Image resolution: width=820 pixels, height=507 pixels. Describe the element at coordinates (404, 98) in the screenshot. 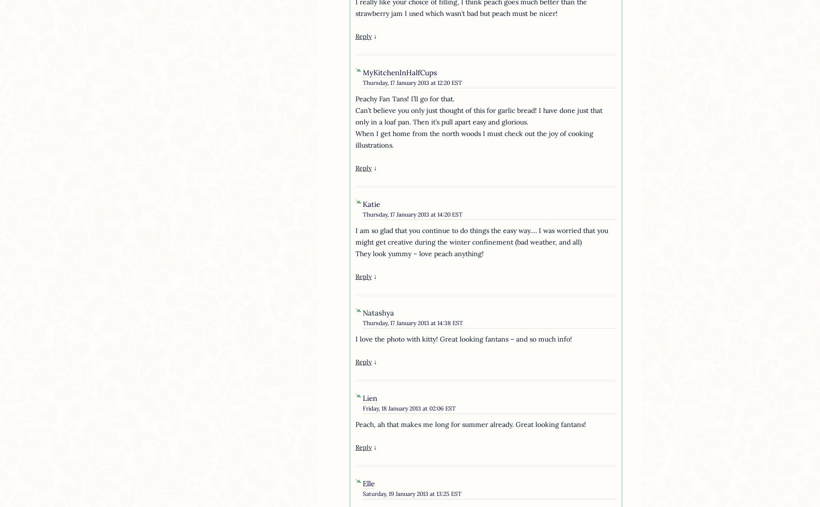

I see `'Peachy Fan Tans!  I’ll go for that.'` at that location.